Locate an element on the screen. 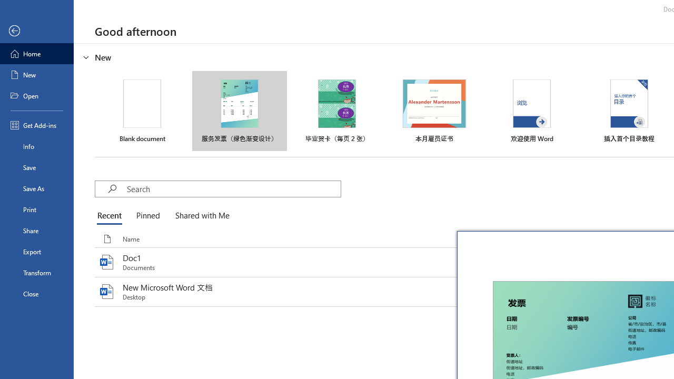  'Get Add-ins' is located at coordinates (36, 124).